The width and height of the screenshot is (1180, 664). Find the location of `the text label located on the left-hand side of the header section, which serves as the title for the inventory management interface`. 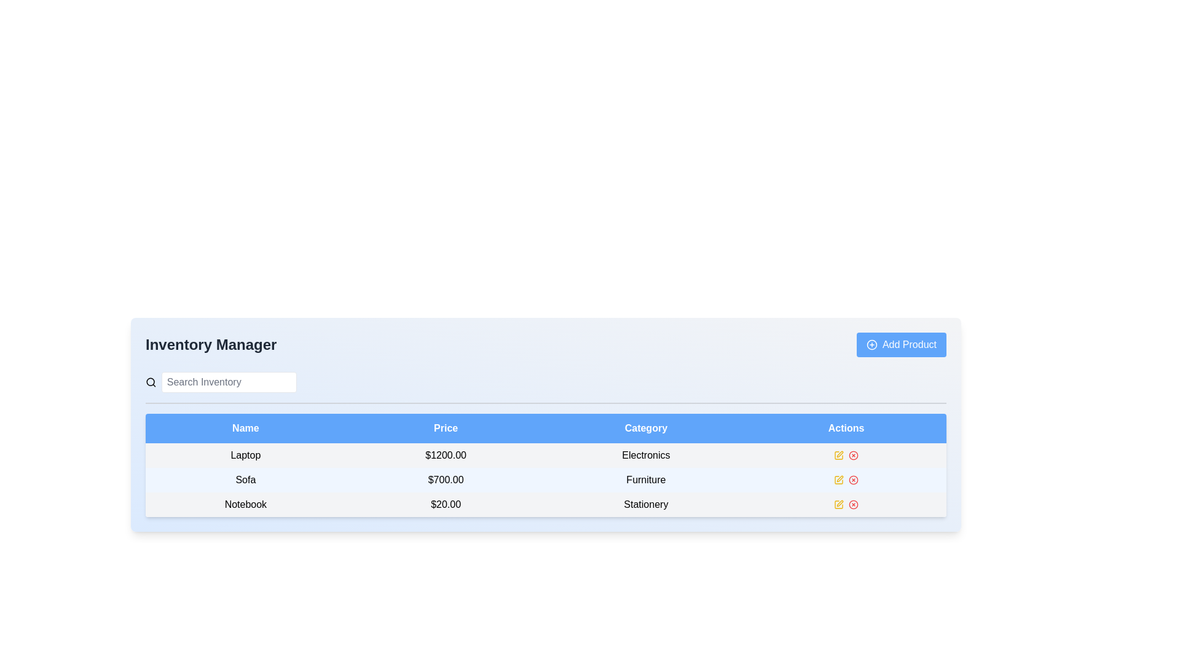

the text label located on the left-hand side of the header section, which serves as the title for the inventory management interface is located at coordinates (211, 344).